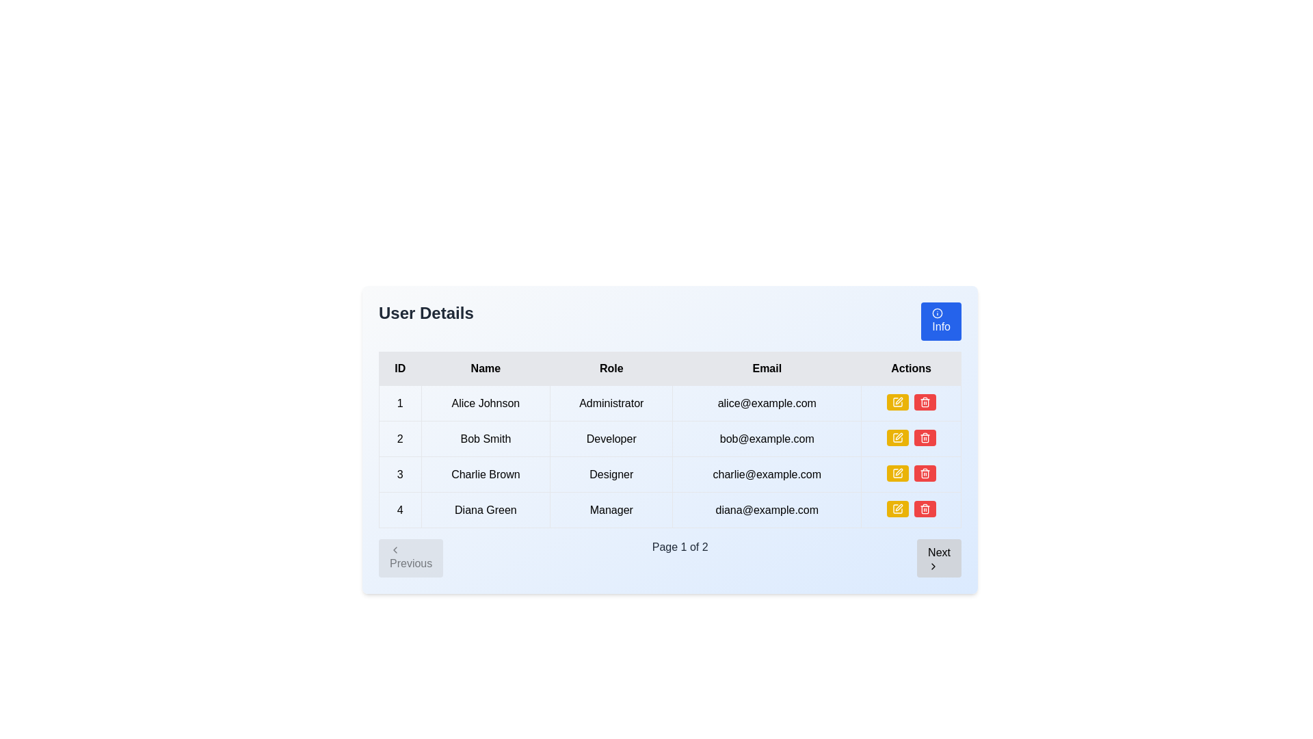  What do you see at coordinates (937, 313) in the screenshot?
I see `the blue and white information icon, which is a white 'i' inside a circular blue background, located at the center of the 'Info' button in the top-right corner of the table` at bounding box center [937, 313].